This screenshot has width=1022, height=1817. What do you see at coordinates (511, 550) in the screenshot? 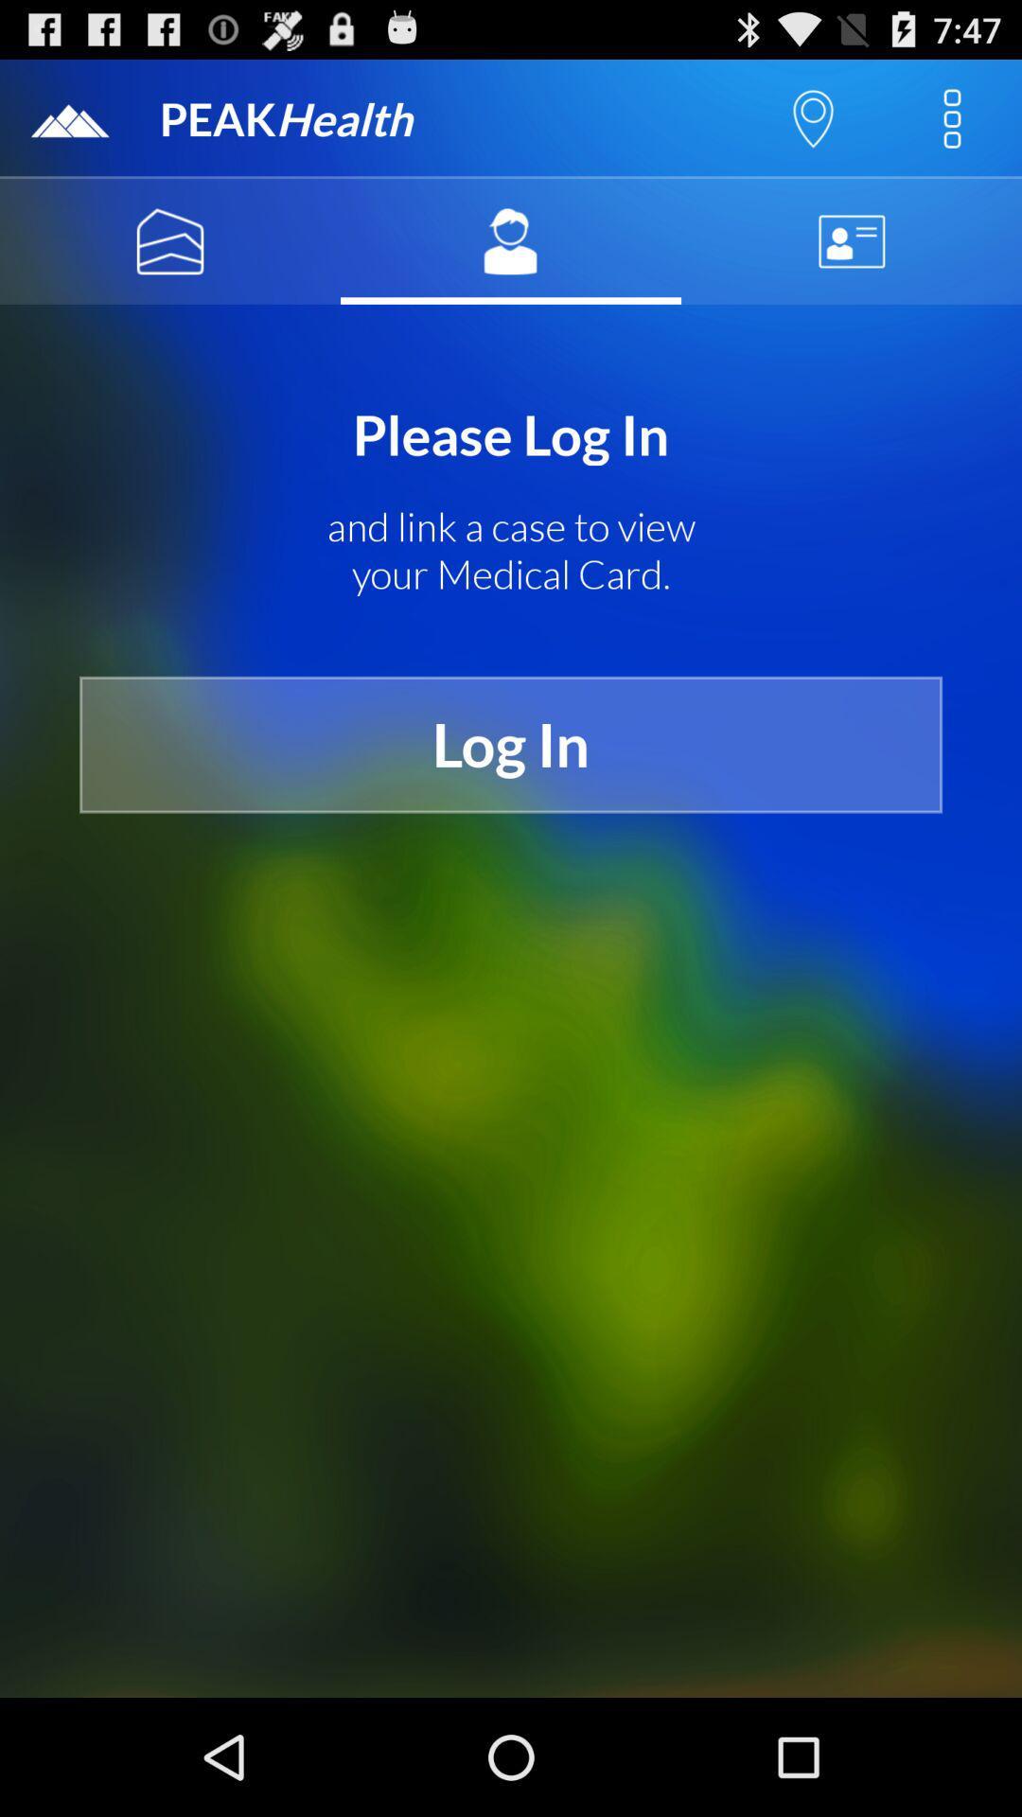
I see `the and link a icon` at bounding box center [511, 550].